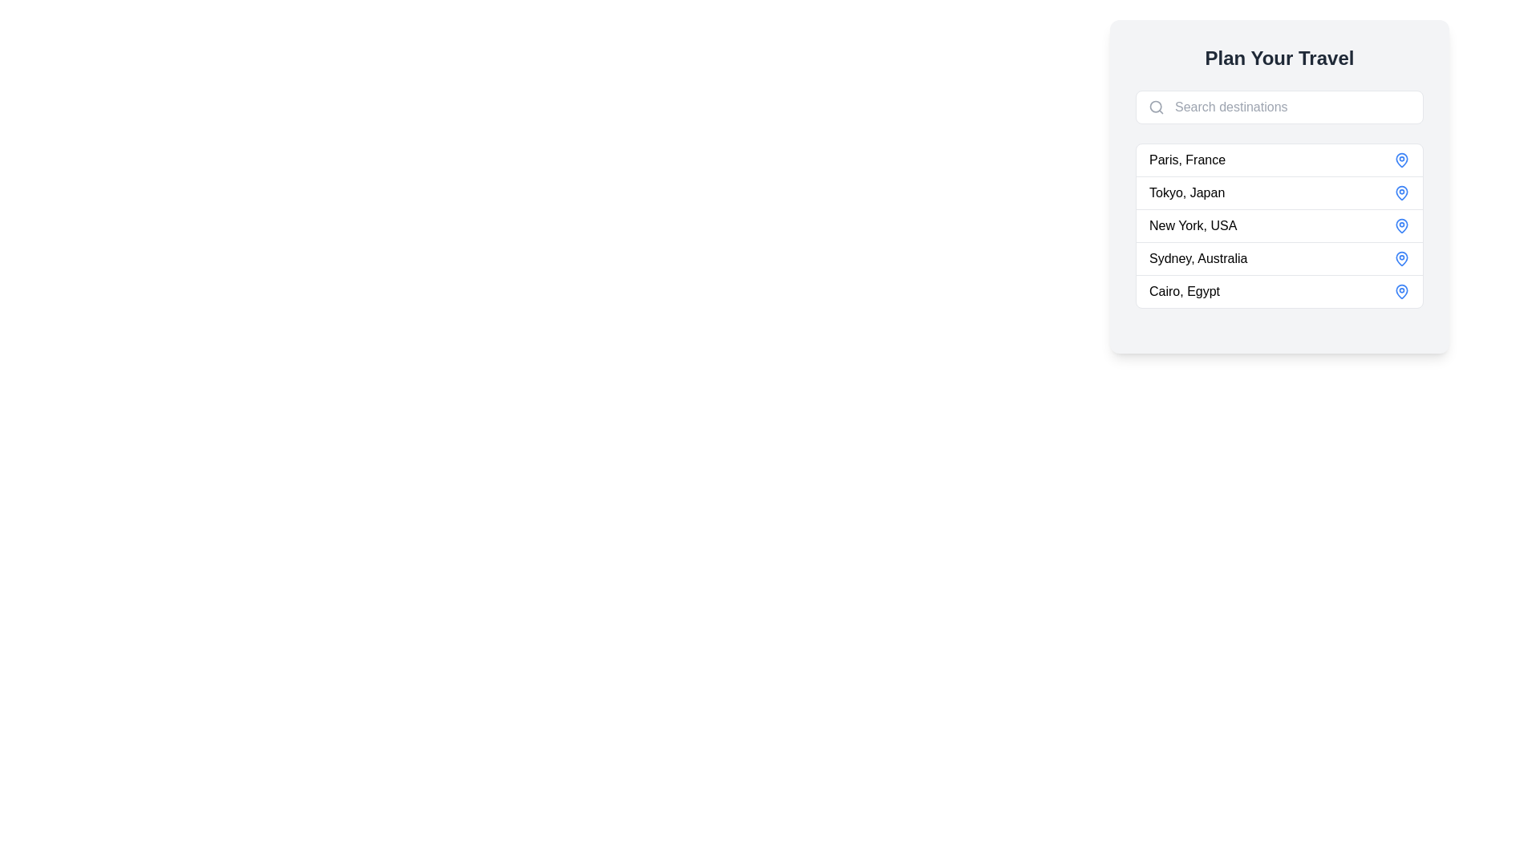  I want to click on the blue circular pin icon located adjacent to the text 'New York, USA', so click(1400, 225).